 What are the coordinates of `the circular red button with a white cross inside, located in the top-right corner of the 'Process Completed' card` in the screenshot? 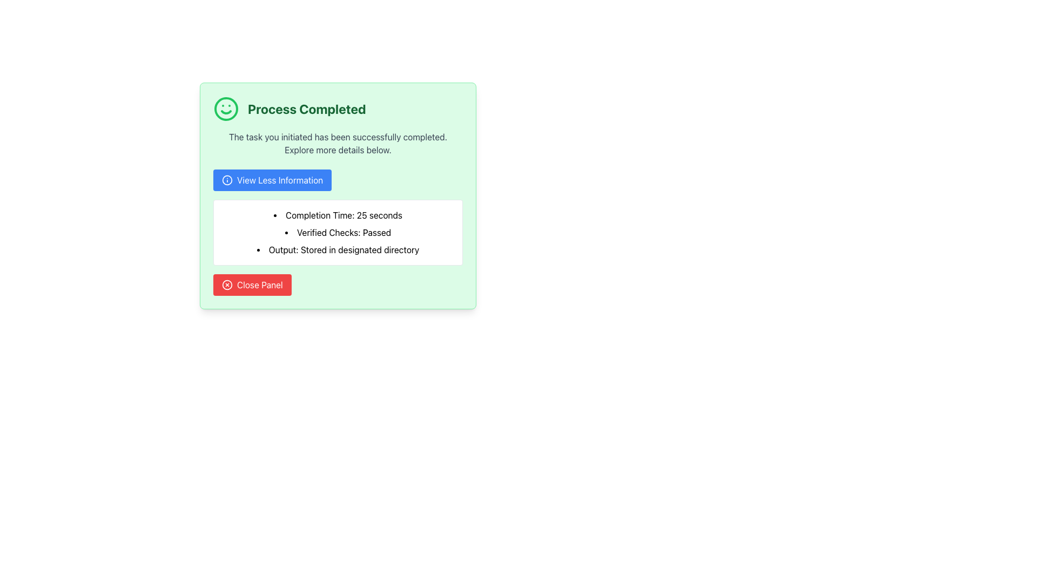 It's located at (227, 284).